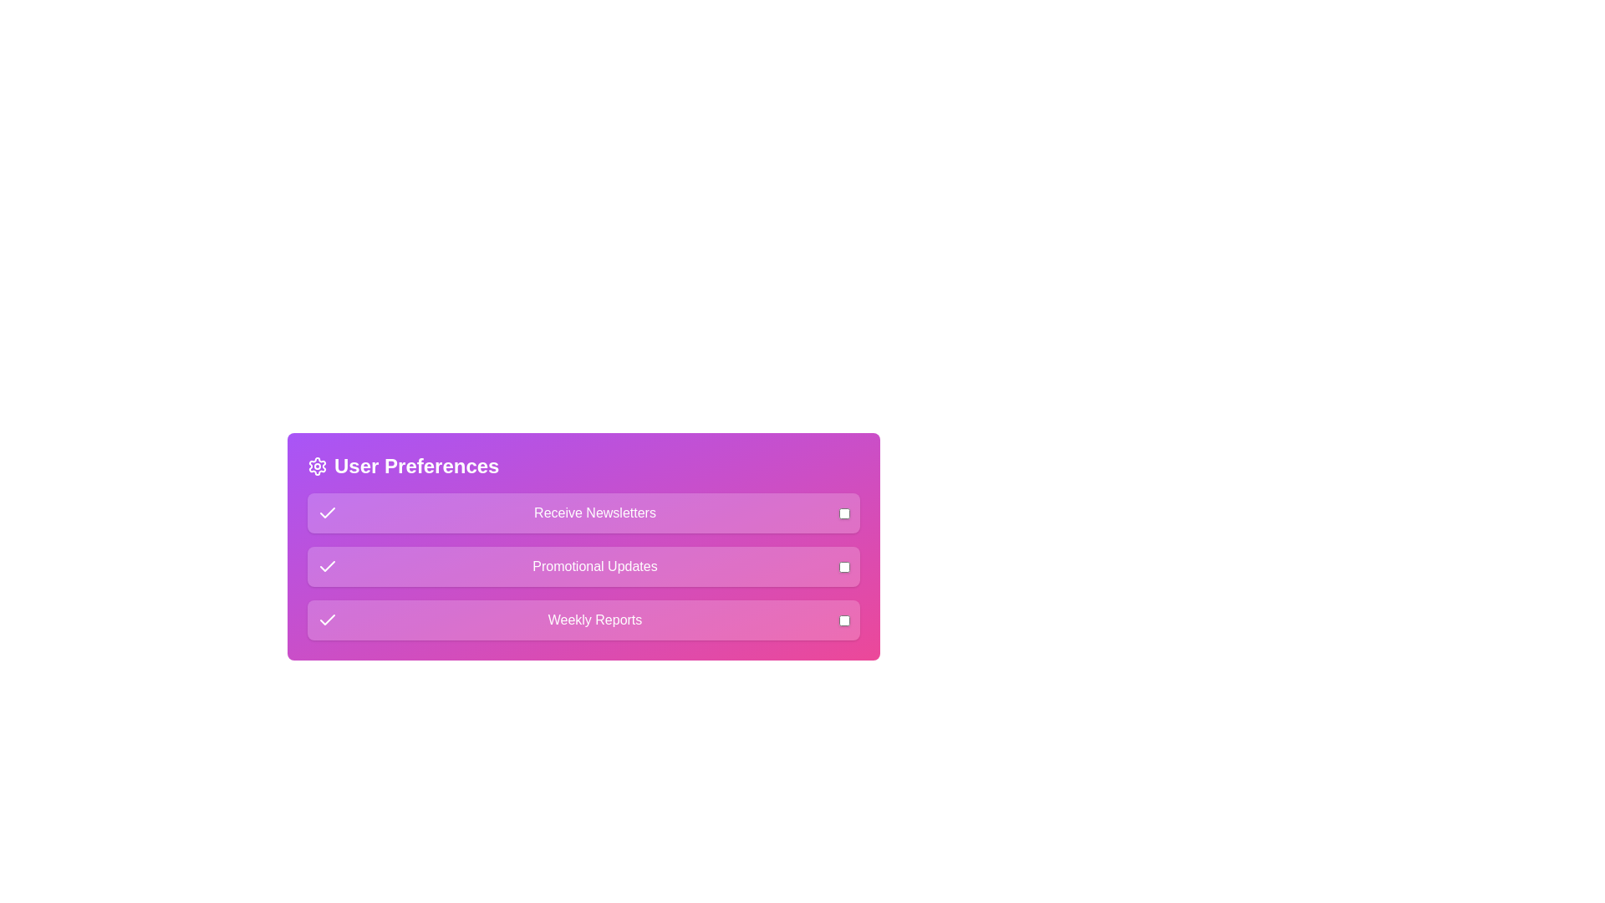  Describe the element at coordinates (844, 512) in the screenshot. I see `the 'Receive Newsletters' checkbox to toggle its state` at that location.